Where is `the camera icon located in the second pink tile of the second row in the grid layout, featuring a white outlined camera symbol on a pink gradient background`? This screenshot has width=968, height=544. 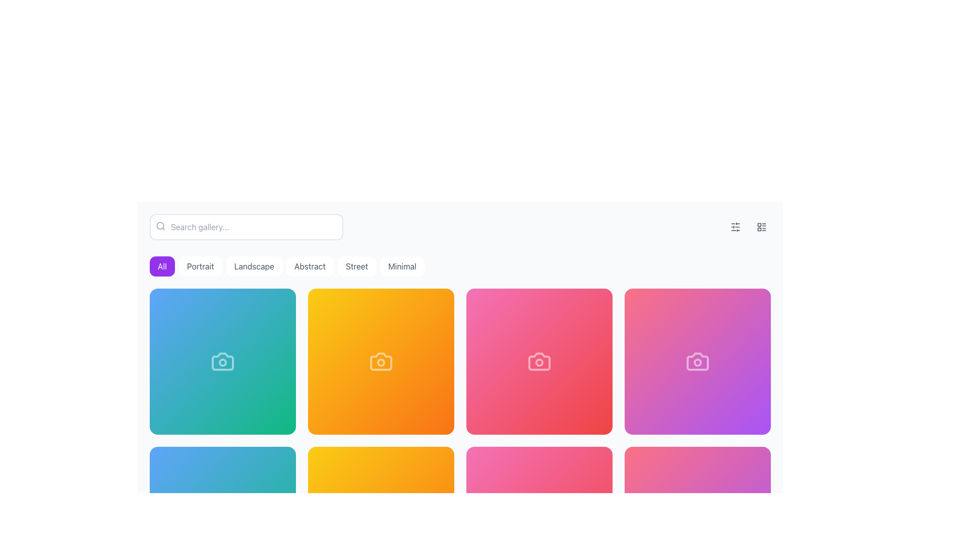
the camera icon located in the second pink tile of the second row in the grid layout, featuring a white outlined camera symbol on a pink gradient background is located at coordinates (539, 361).